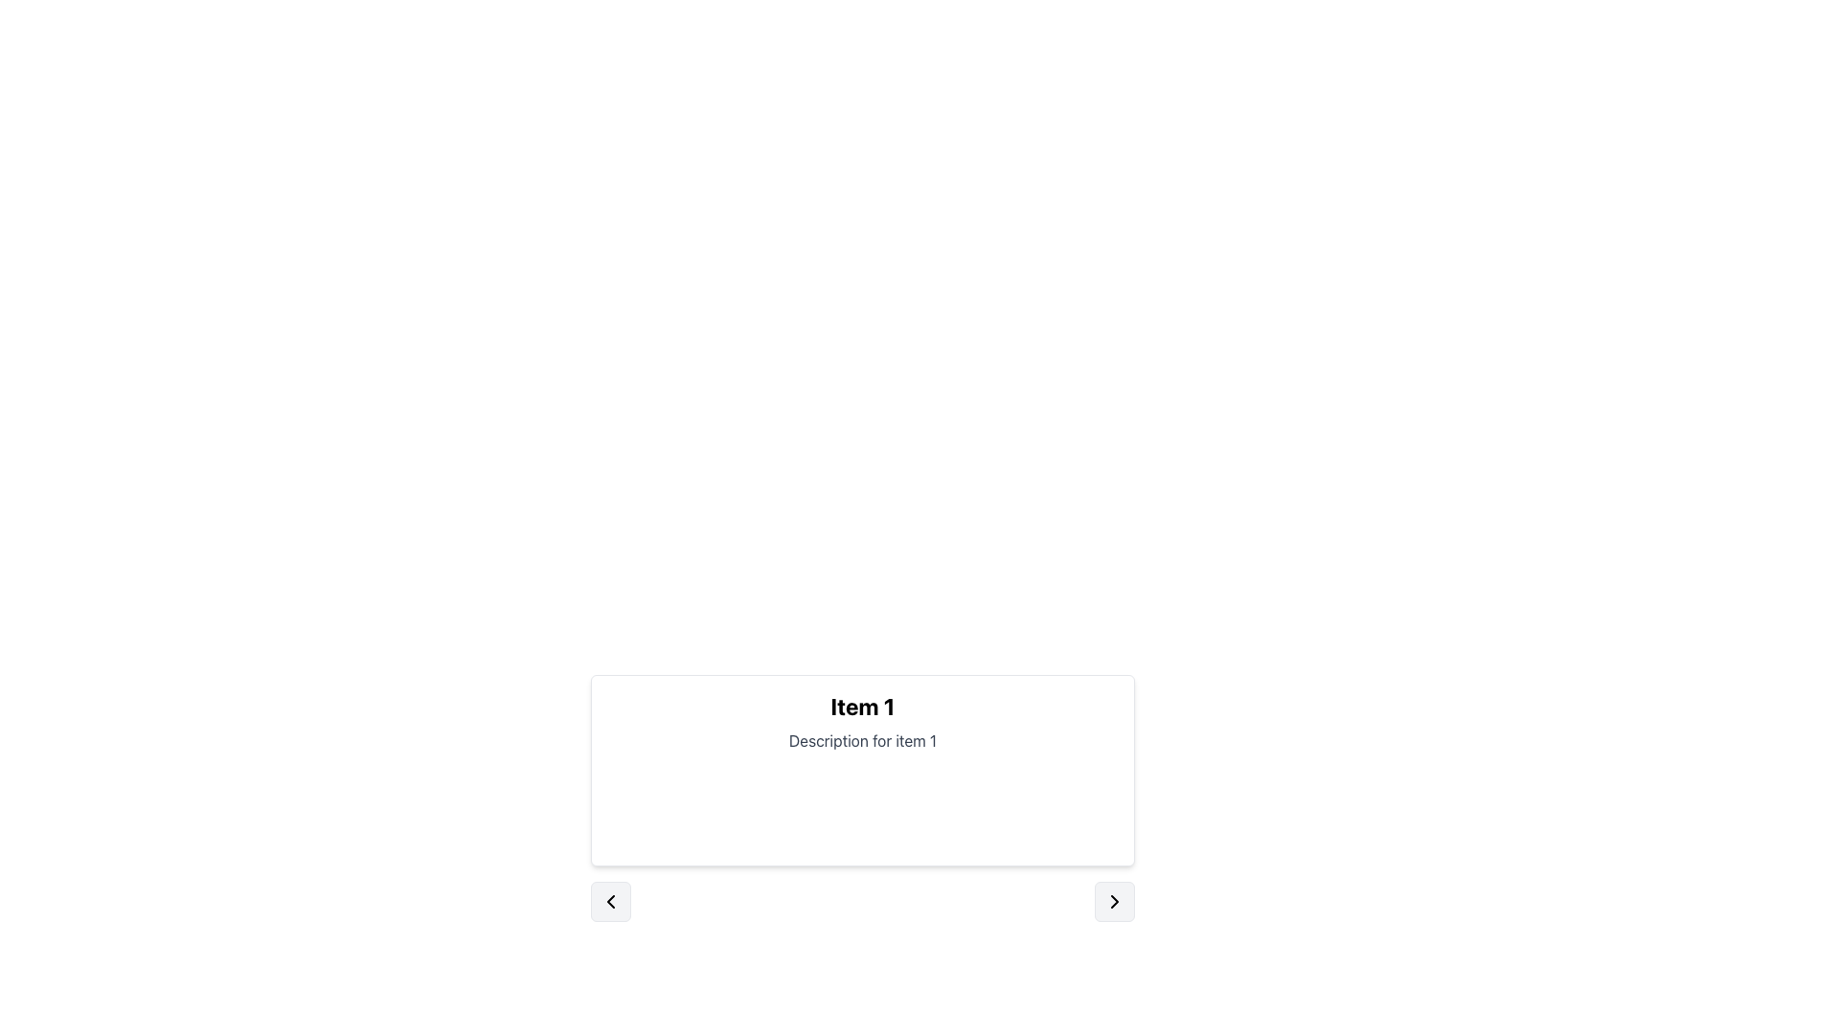 Image resolution: width=1839 pixels, height=1034 pixels. What do you see at coordinates (1114, 901) in the screenshot?
I see `the navigation button located at the lower-right corner of the card titled 'Item 1' to provide visual feedback` at bounding box center [1114, 901].